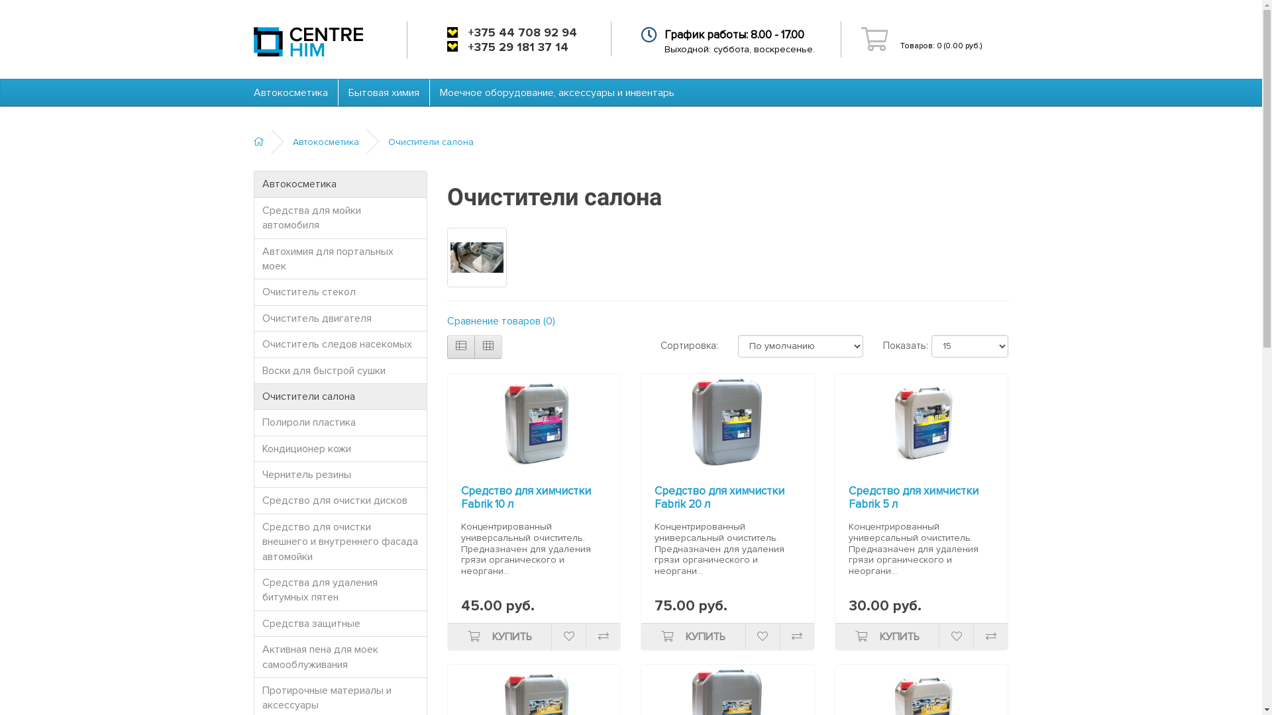  What do you see at coordinates (517, 46) in the screenshot?
I see `'+375 29 181 37 14'` at bounding box center [517, 46].